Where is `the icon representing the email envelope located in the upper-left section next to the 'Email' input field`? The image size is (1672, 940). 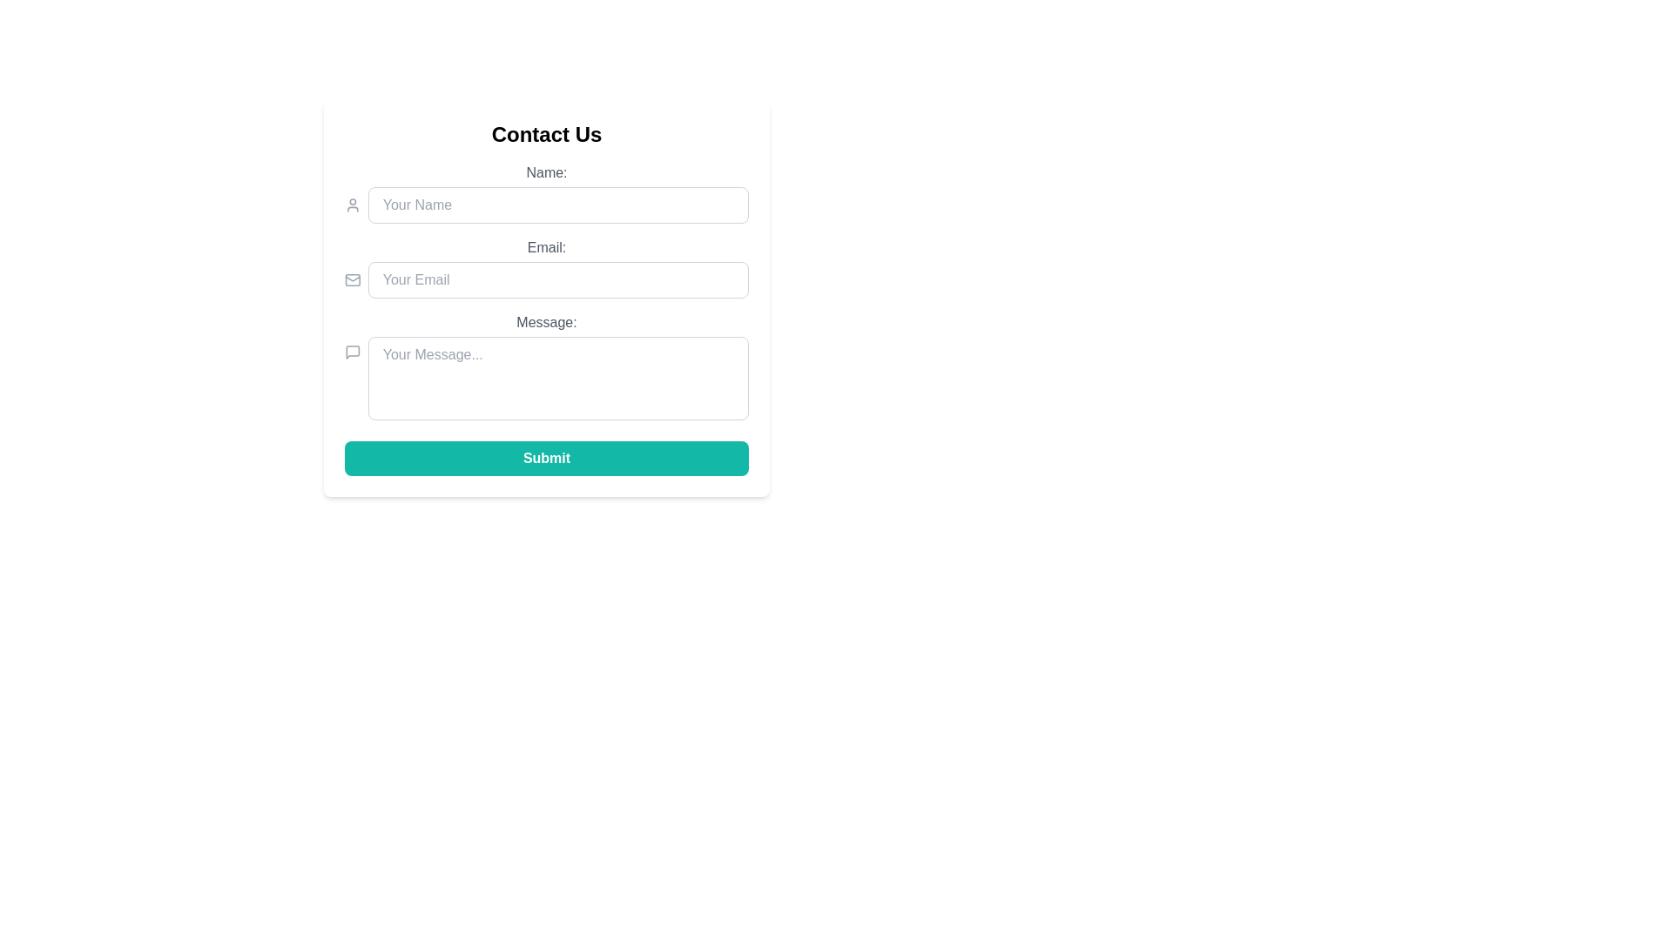
the icon representing the email envelope located in the upper-left section next to the 'Email' input field is located at coordinates (352, 279).